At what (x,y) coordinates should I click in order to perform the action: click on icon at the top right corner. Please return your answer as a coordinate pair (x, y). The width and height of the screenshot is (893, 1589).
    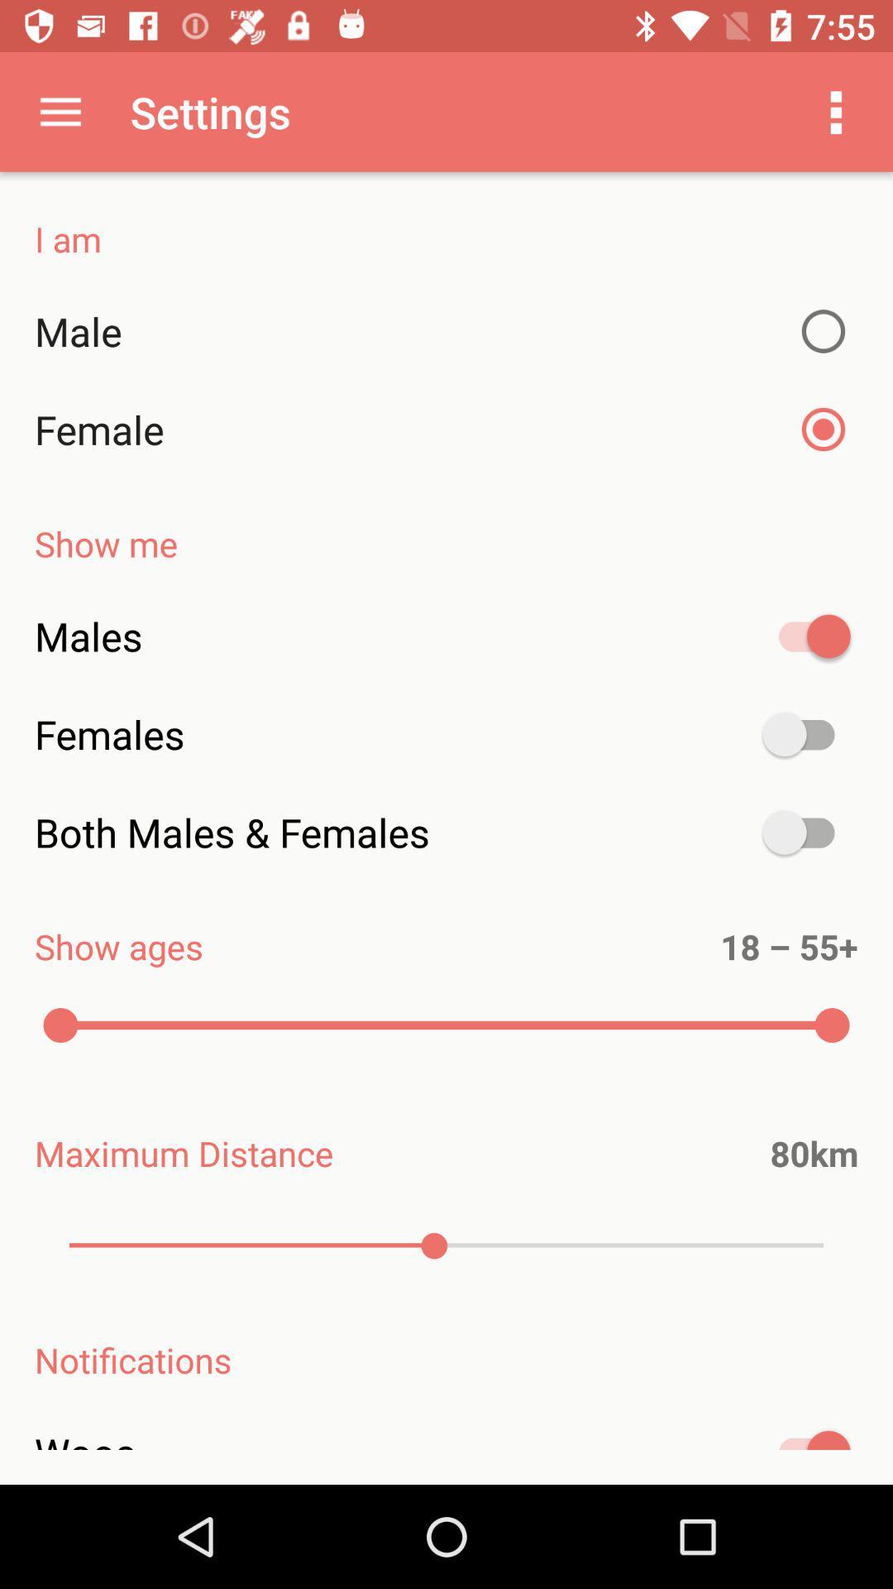
    Looking at the image, I should click on (836, 111).